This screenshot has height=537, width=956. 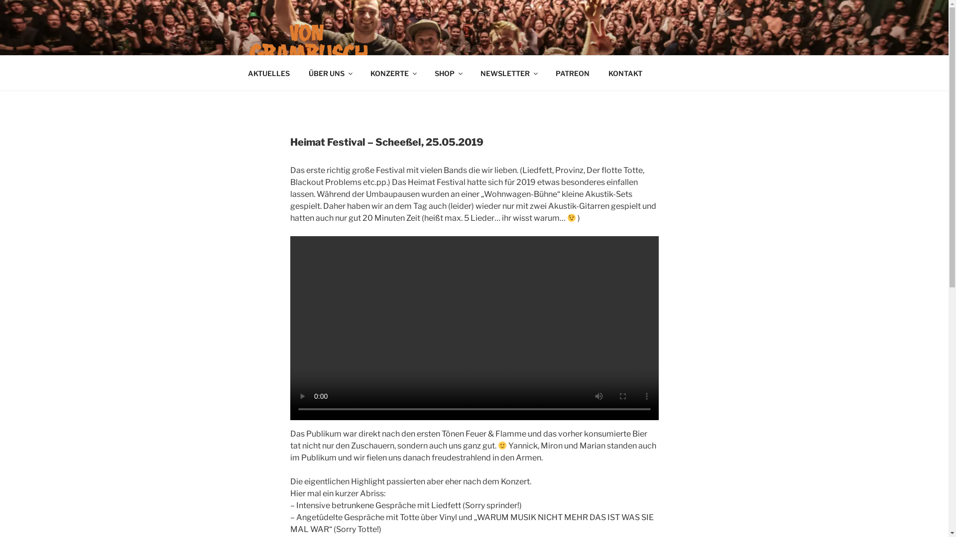 I want to click on 'VON GRAMBUSCH', so click(x=341, y=78).